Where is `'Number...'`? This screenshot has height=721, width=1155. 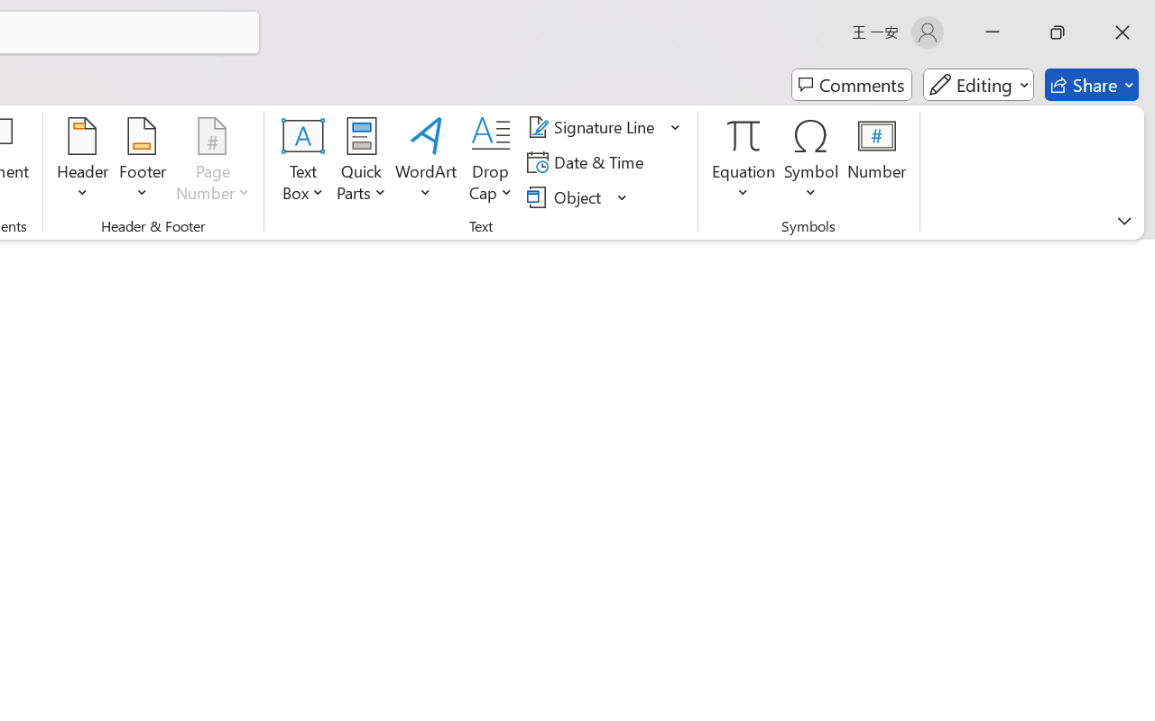
'Number...' is located at coordinates (877, 161).